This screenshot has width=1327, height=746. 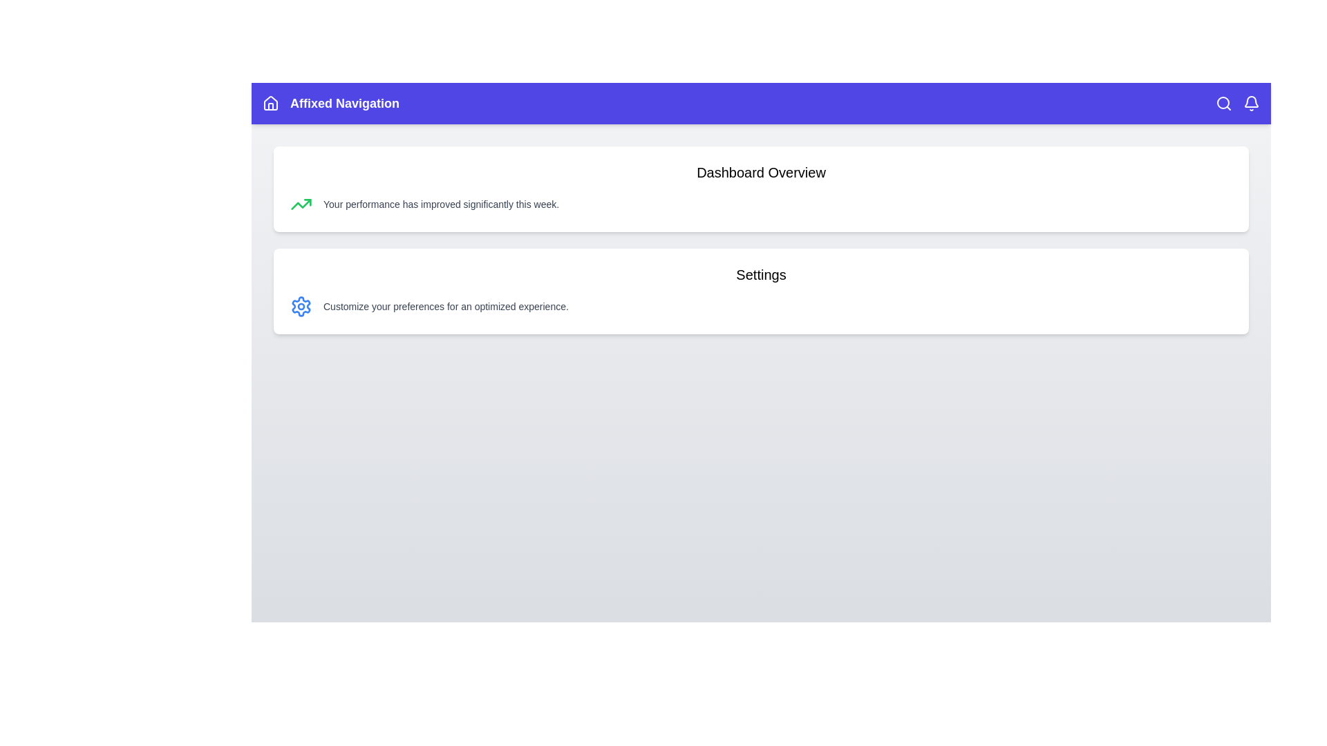 I want to click on the search IconButton located in the top-right corner of the interface to change its color, so click(x=1224, y=103).